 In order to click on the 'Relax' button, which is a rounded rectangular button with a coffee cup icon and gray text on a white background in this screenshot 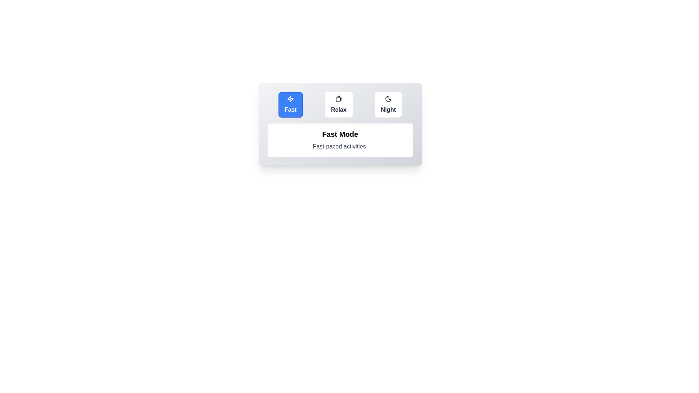, I will do `click(338, 105)`.